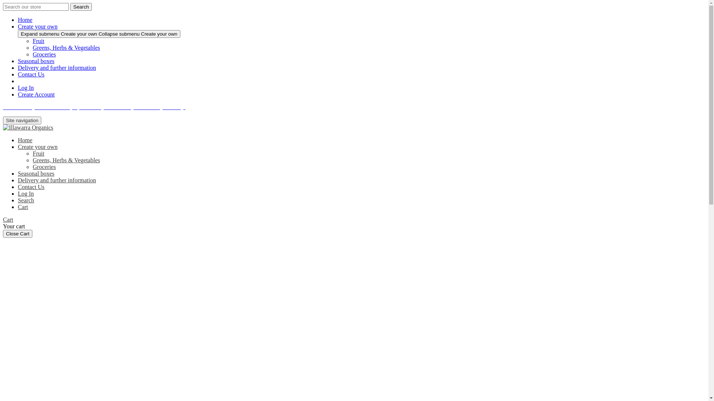  I want to click on 'Greens, Herbs & Vegetables', so click(66, 48).